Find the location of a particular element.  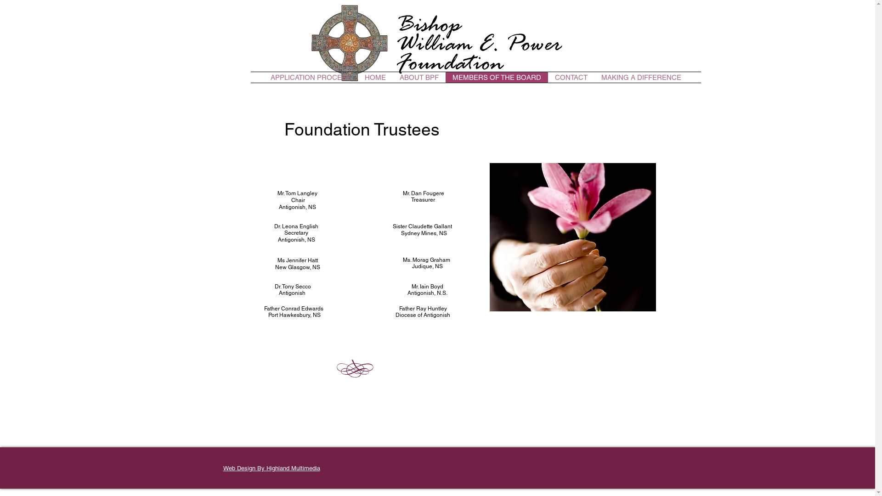

'MEMBERS OF THE BOARD' is located at coordinates (496, 77).